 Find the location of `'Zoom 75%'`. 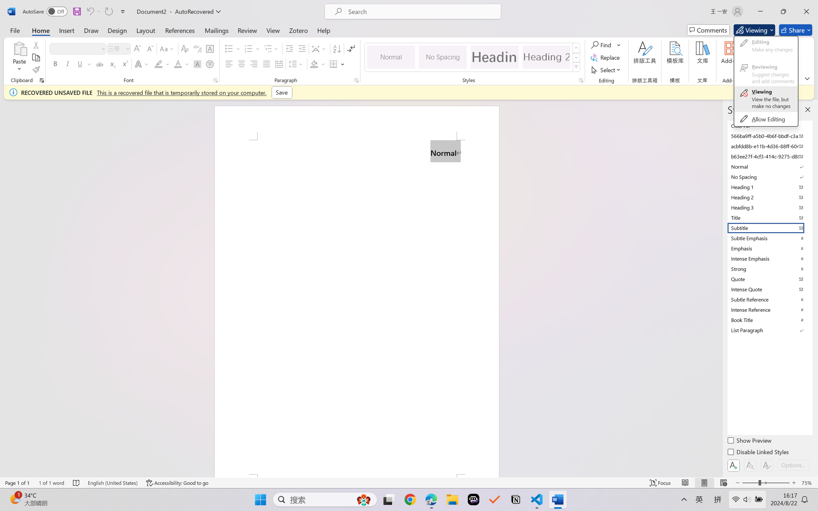

'Zoom 75%' is located at coordinates (808, 483).